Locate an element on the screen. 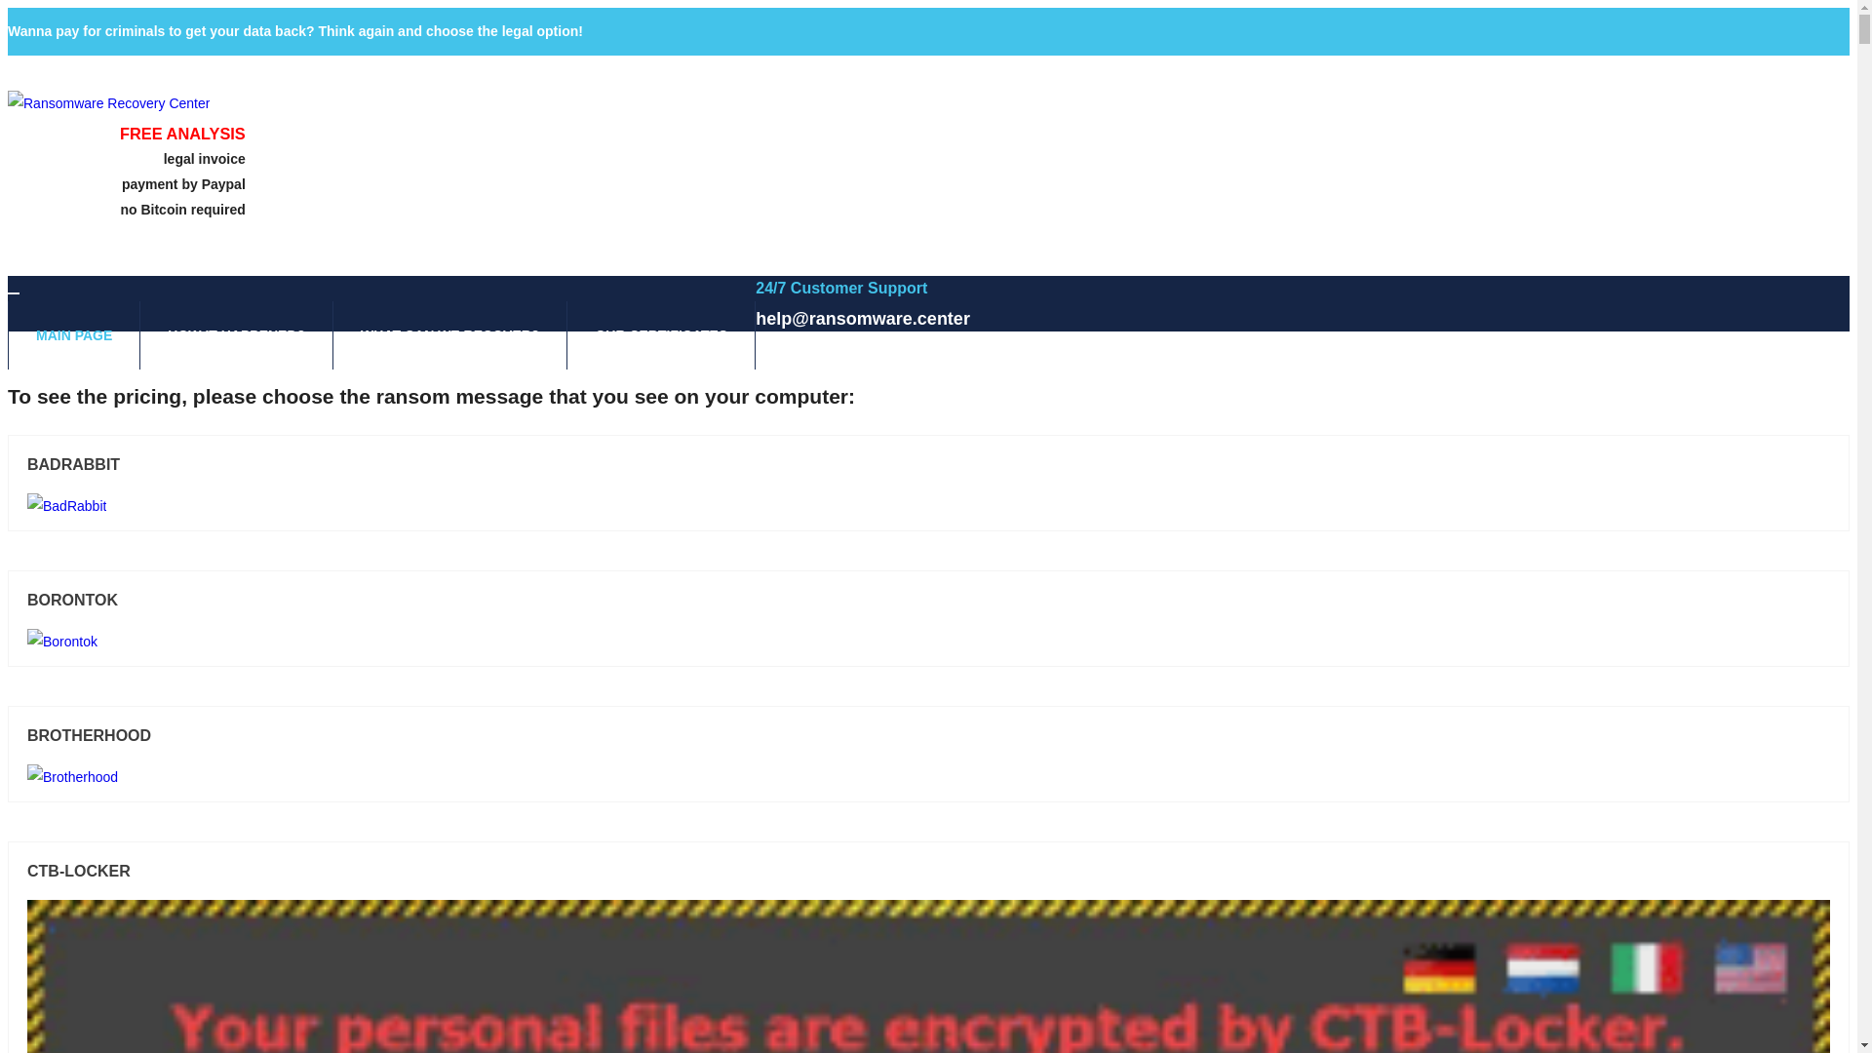  'BADRABBIT' is located at coordinates (27, 465).